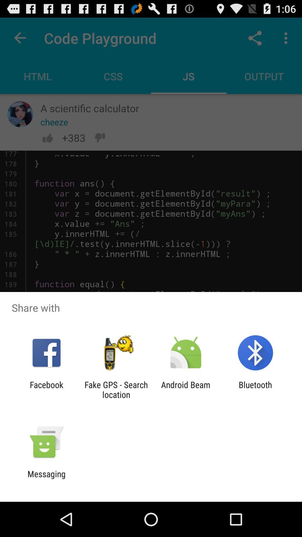  I want to click on facebook, so click(46, 389).